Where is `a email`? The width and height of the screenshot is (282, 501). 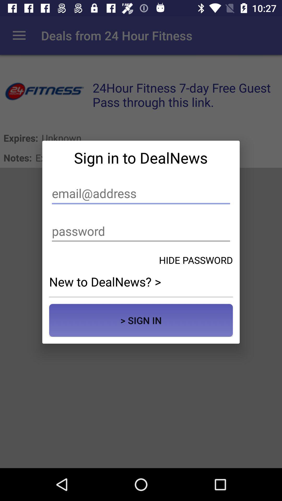 a email is located at coordinates (141, 193).